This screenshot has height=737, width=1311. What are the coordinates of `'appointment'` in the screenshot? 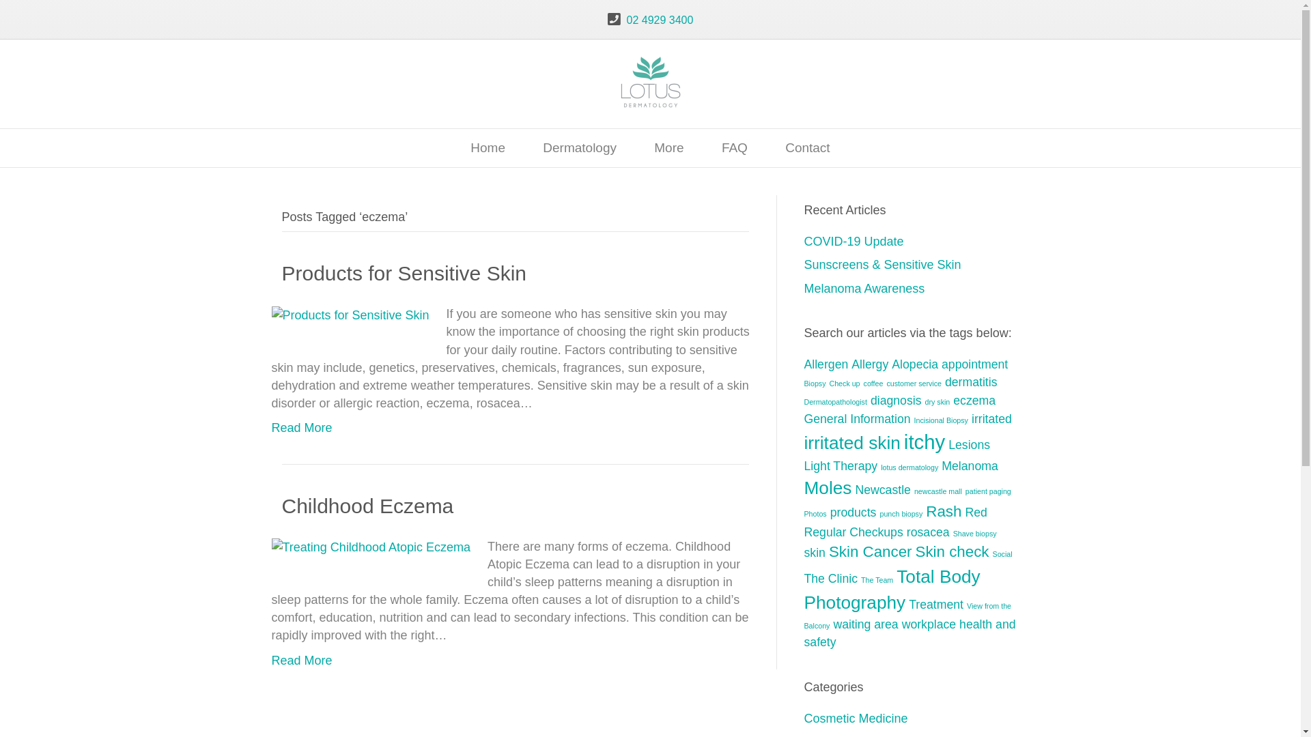 It's located at (940, 363).